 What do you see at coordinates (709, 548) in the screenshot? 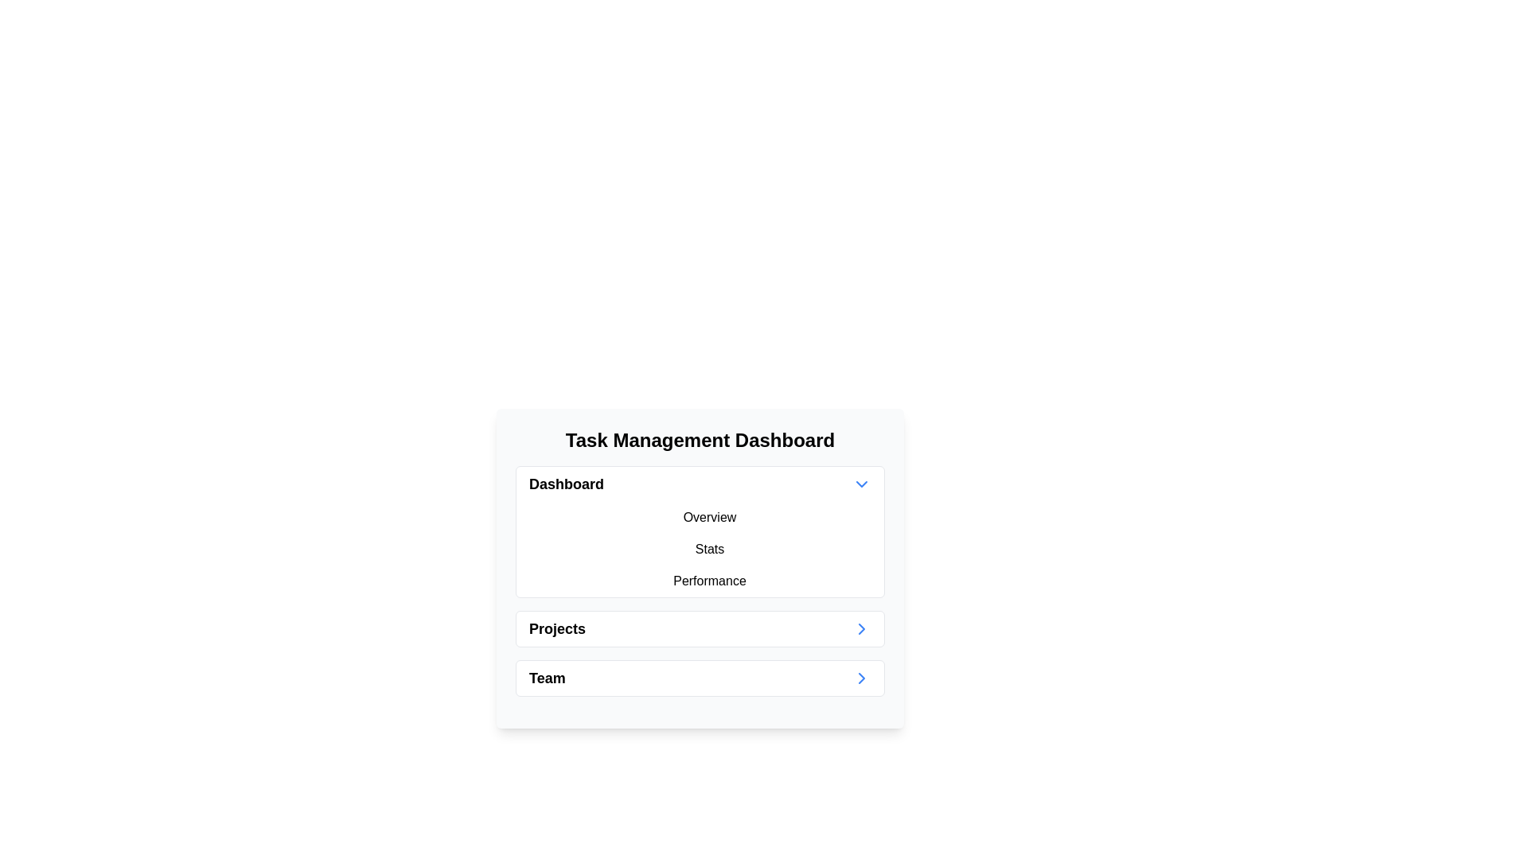
I see `the 'Stats' button, which is the second item in the vertical list under the 'Dashboard' section in the 'Task Management Dashboard' panel` at bounding box center [709, 548].